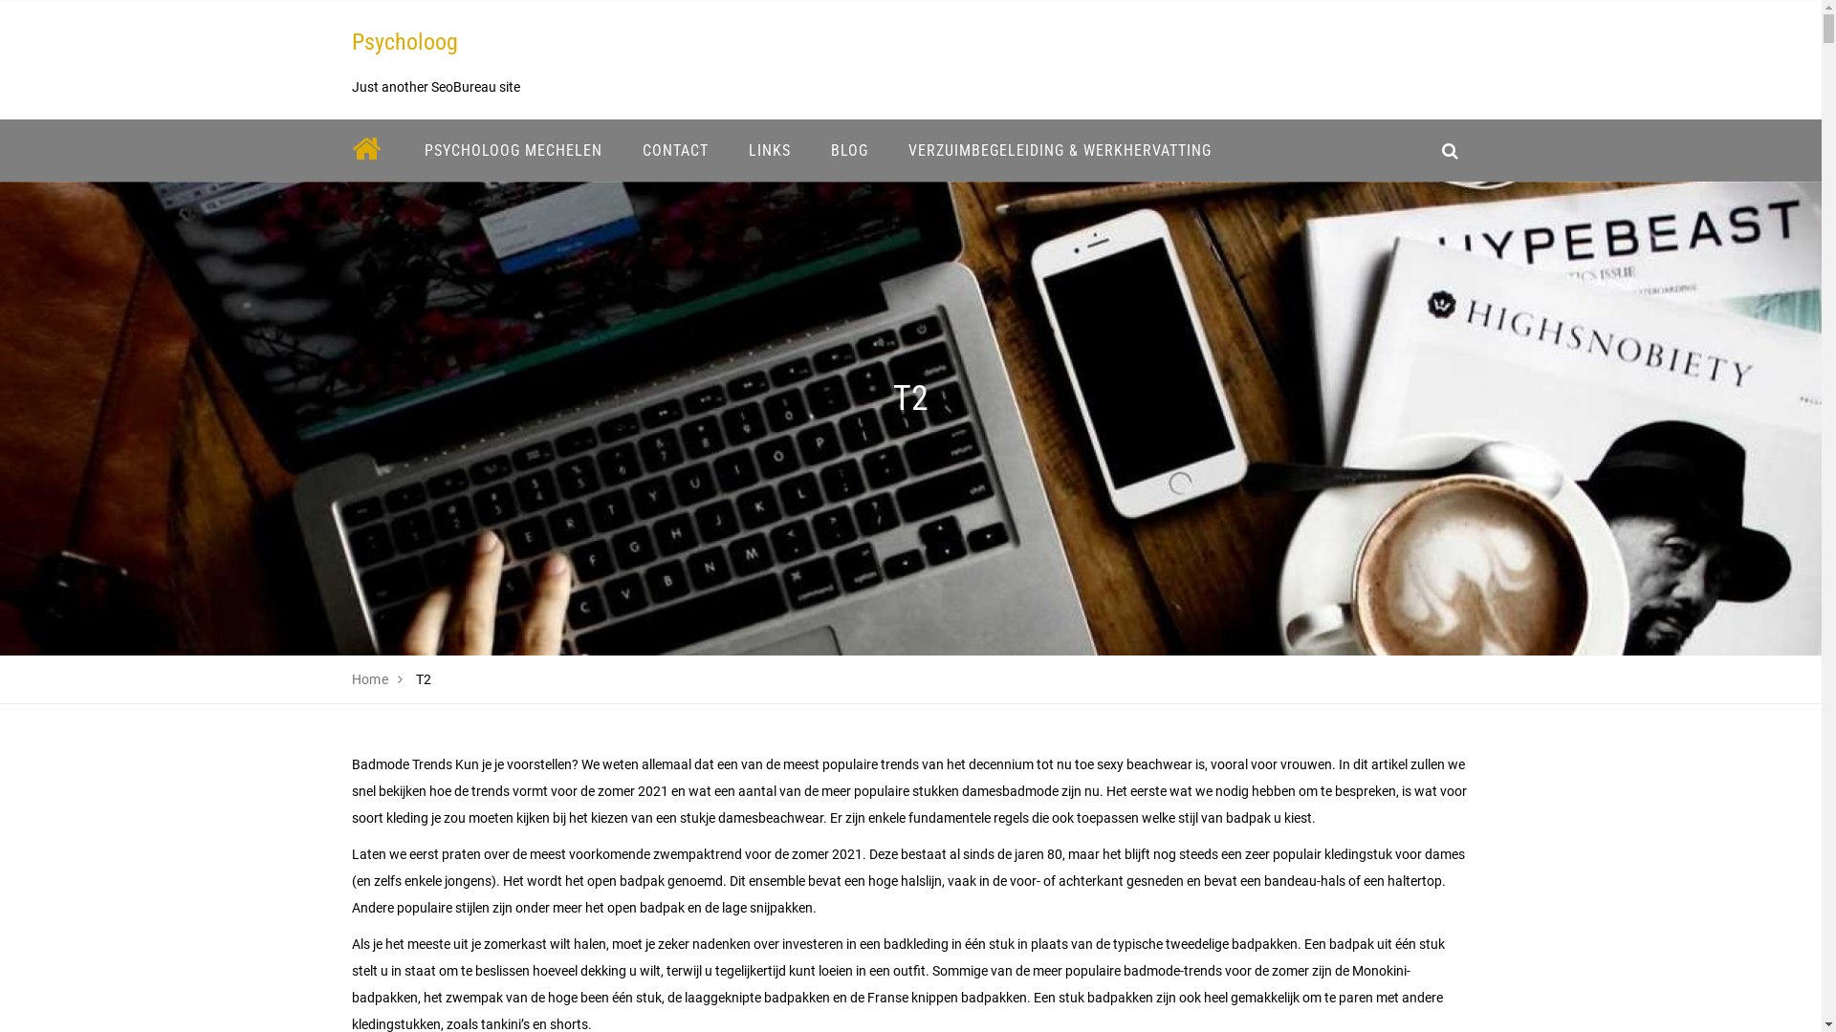  Describe the element at coordinates (1449, 149) in the screenshot. I see `'search_icon'` at that location.